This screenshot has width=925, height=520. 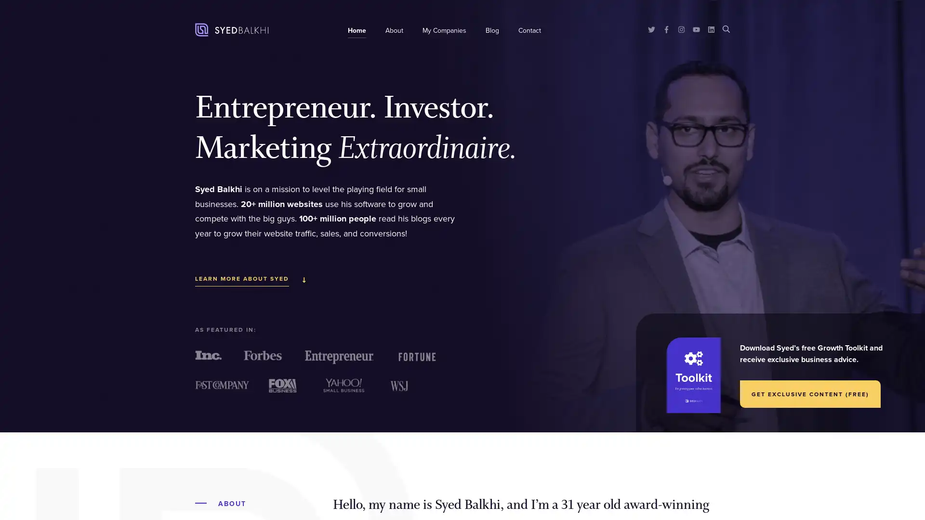 What do you see at coordinates (726, 28) in the screenshot?
I see `SEARCH` at bounding box center [726, 28].